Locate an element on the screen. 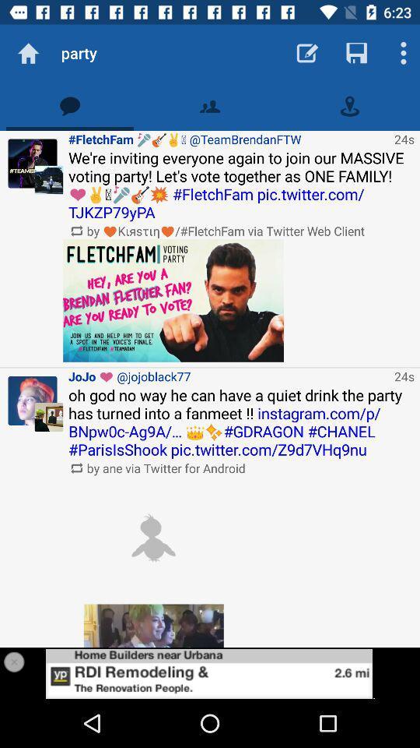  a picture is located at coordinates (153, 626).